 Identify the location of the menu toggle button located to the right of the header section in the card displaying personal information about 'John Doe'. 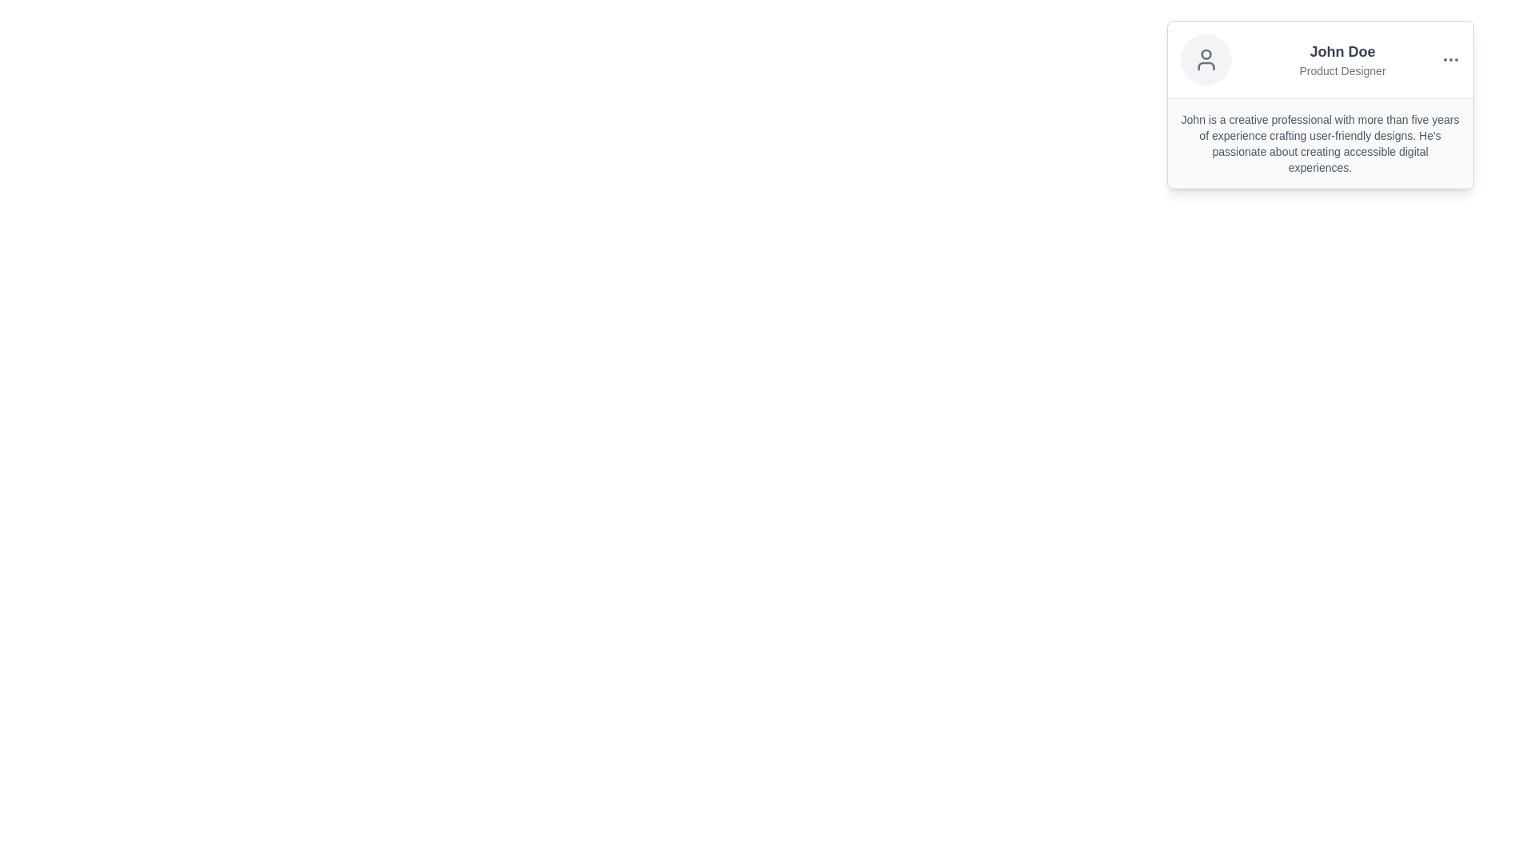
(1450, 58).